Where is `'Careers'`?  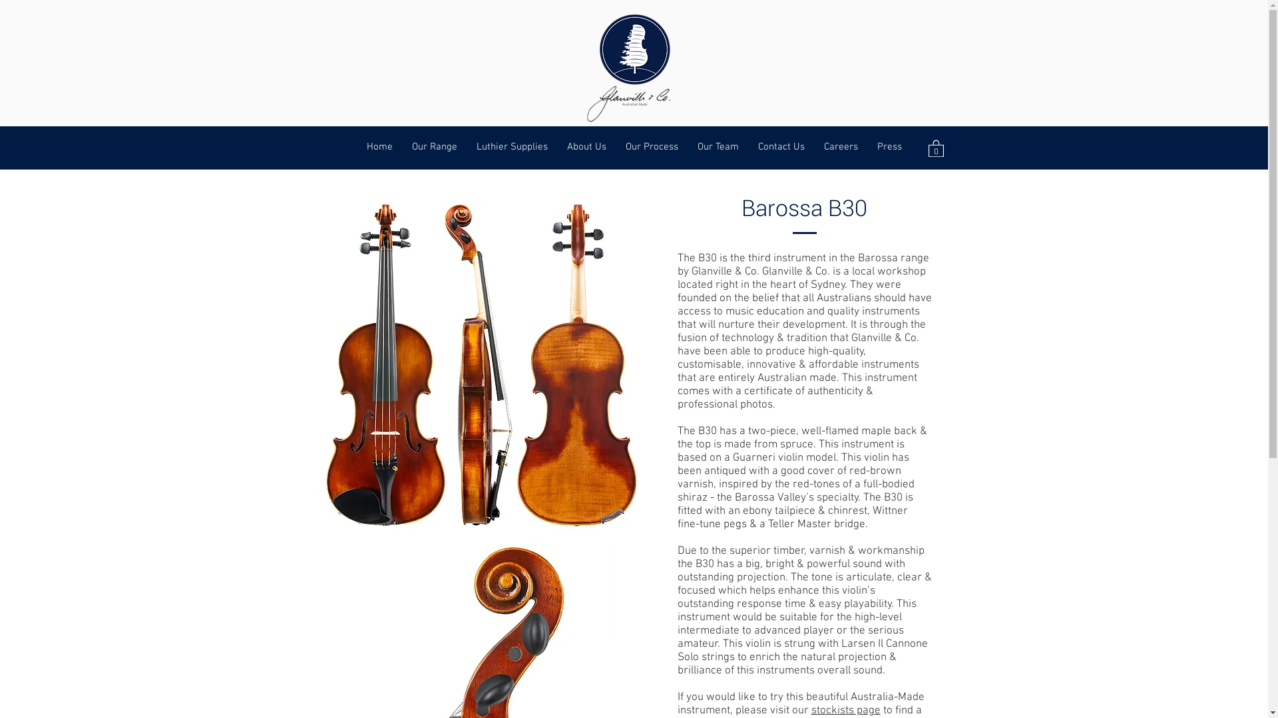
'Careers' is located at coordinates (840, 146).